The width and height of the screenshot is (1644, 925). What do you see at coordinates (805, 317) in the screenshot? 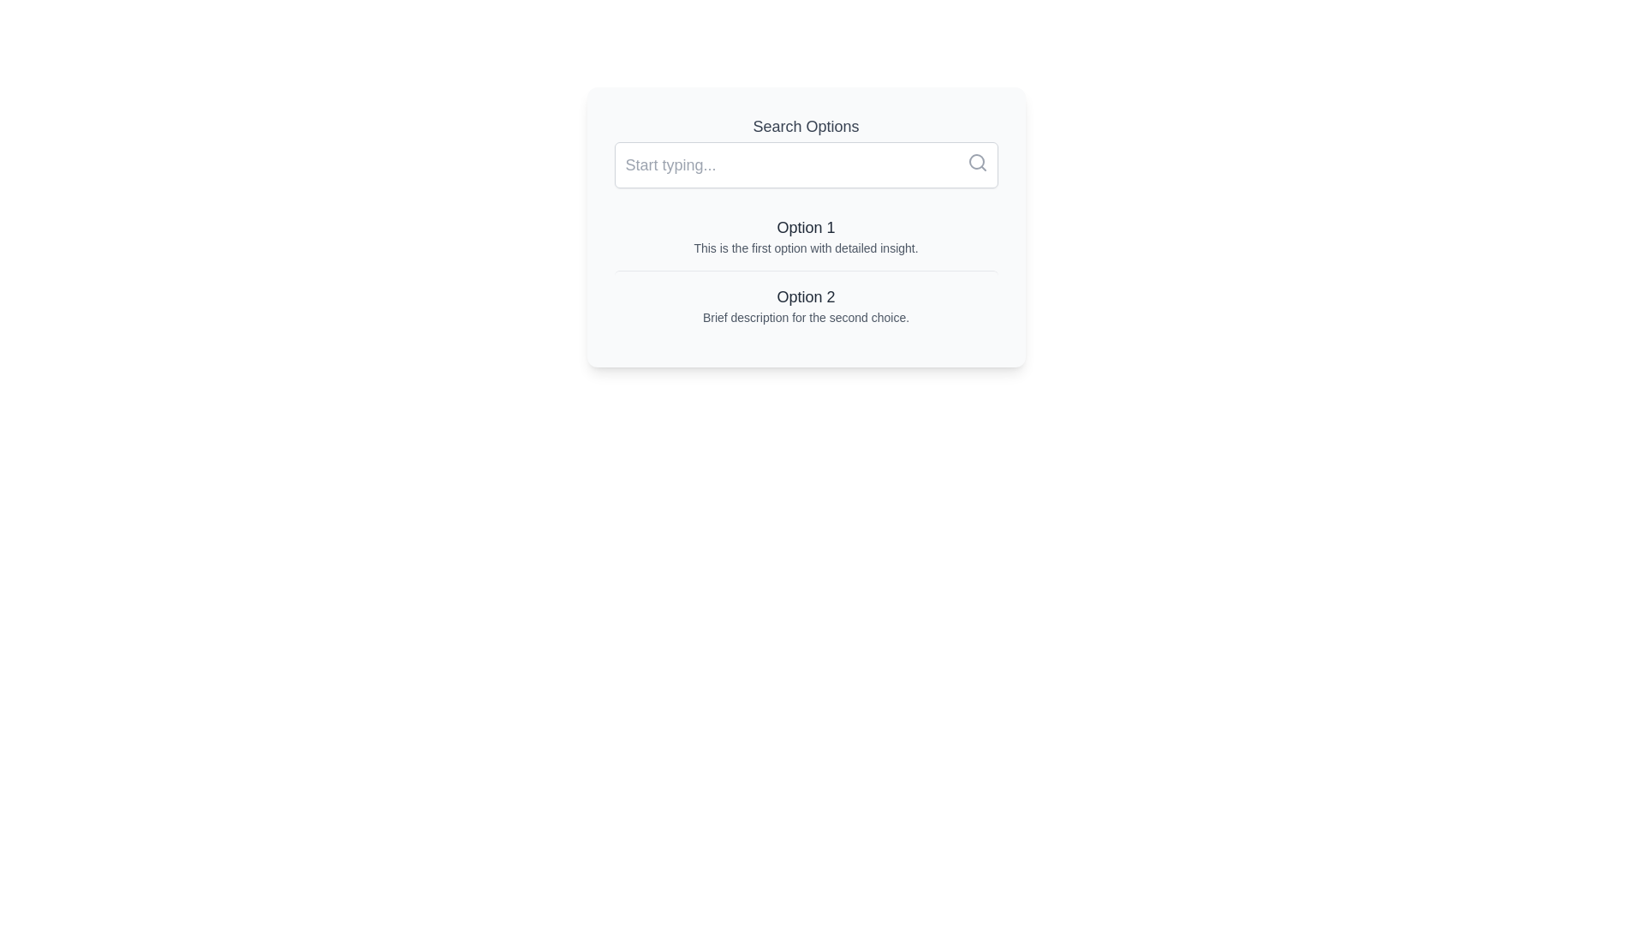
I see `the descriptive text label that provides additional information about the second choice in the options list, located below 'Option 2' in the second option card` at bounding box center [805, 317].